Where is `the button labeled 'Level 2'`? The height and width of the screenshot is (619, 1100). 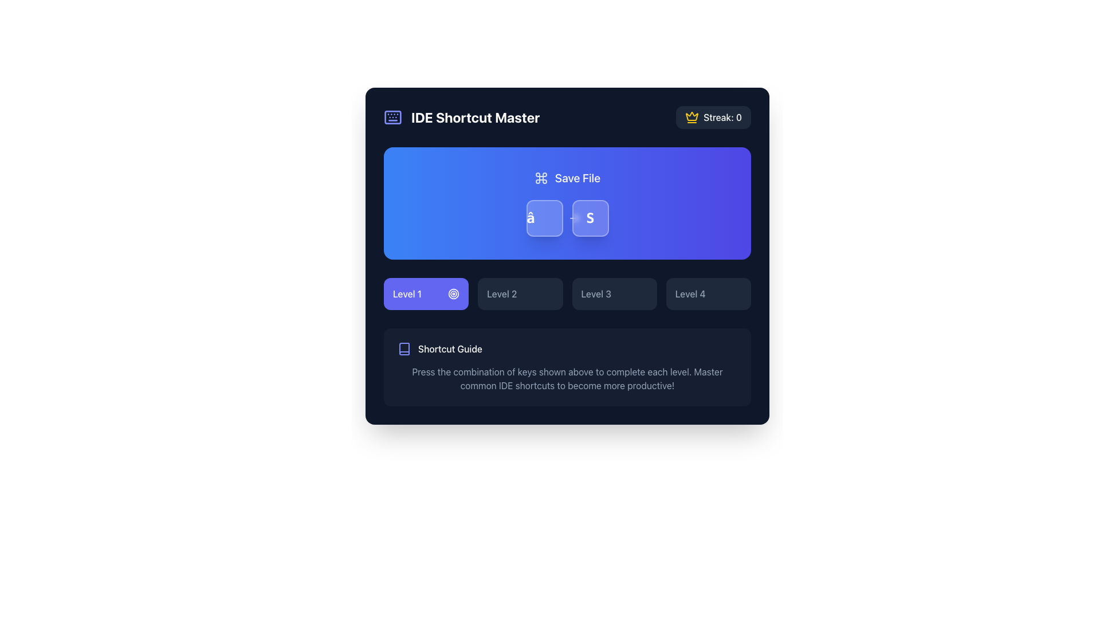
the button labeled 'Level 2' is located at coordinates (520, 293).